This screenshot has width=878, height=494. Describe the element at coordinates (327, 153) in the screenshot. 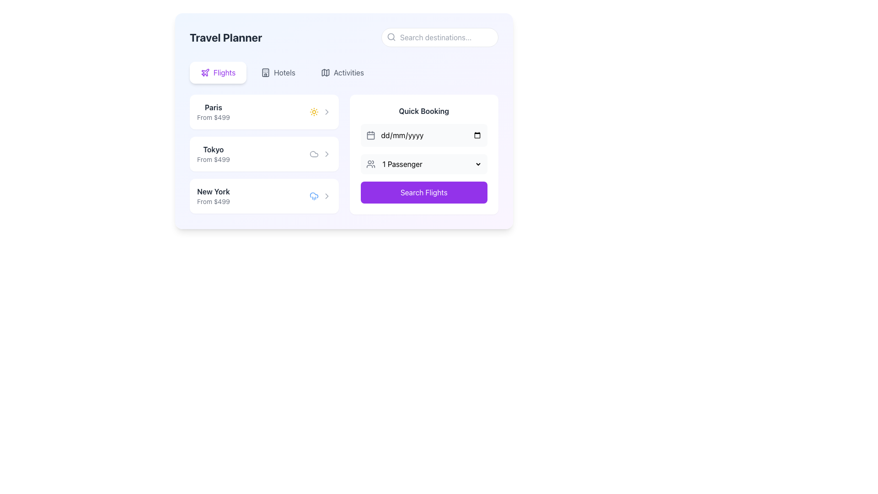

I see `the right-pointing arrow icon within the destination list` at that location.